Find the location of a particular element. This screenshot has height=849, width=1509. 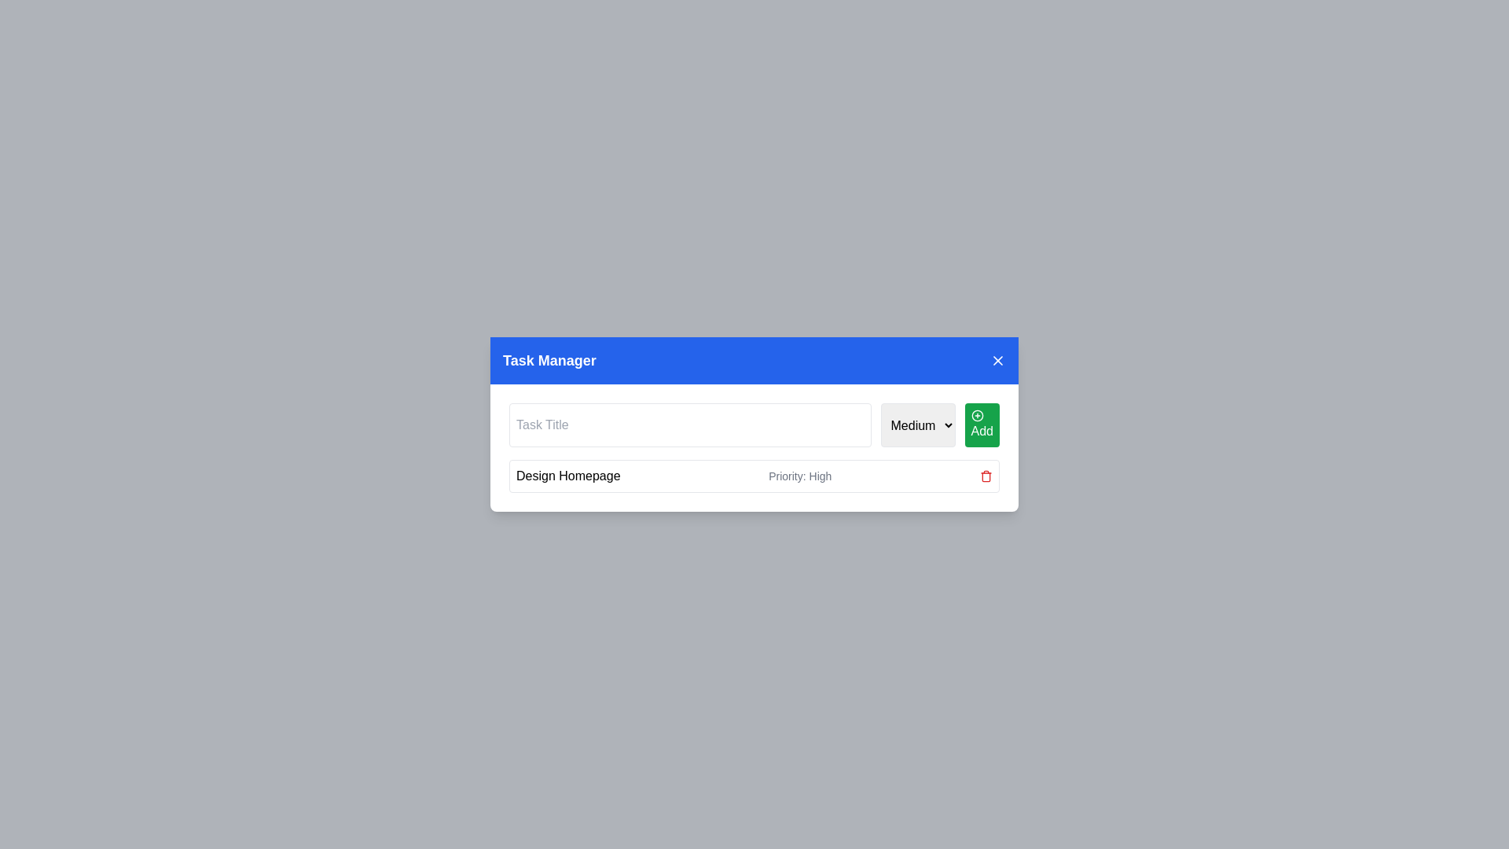

the 'X' button in the top-right corner of the 'Task Manager' bar is located at coordinates (997, 361).